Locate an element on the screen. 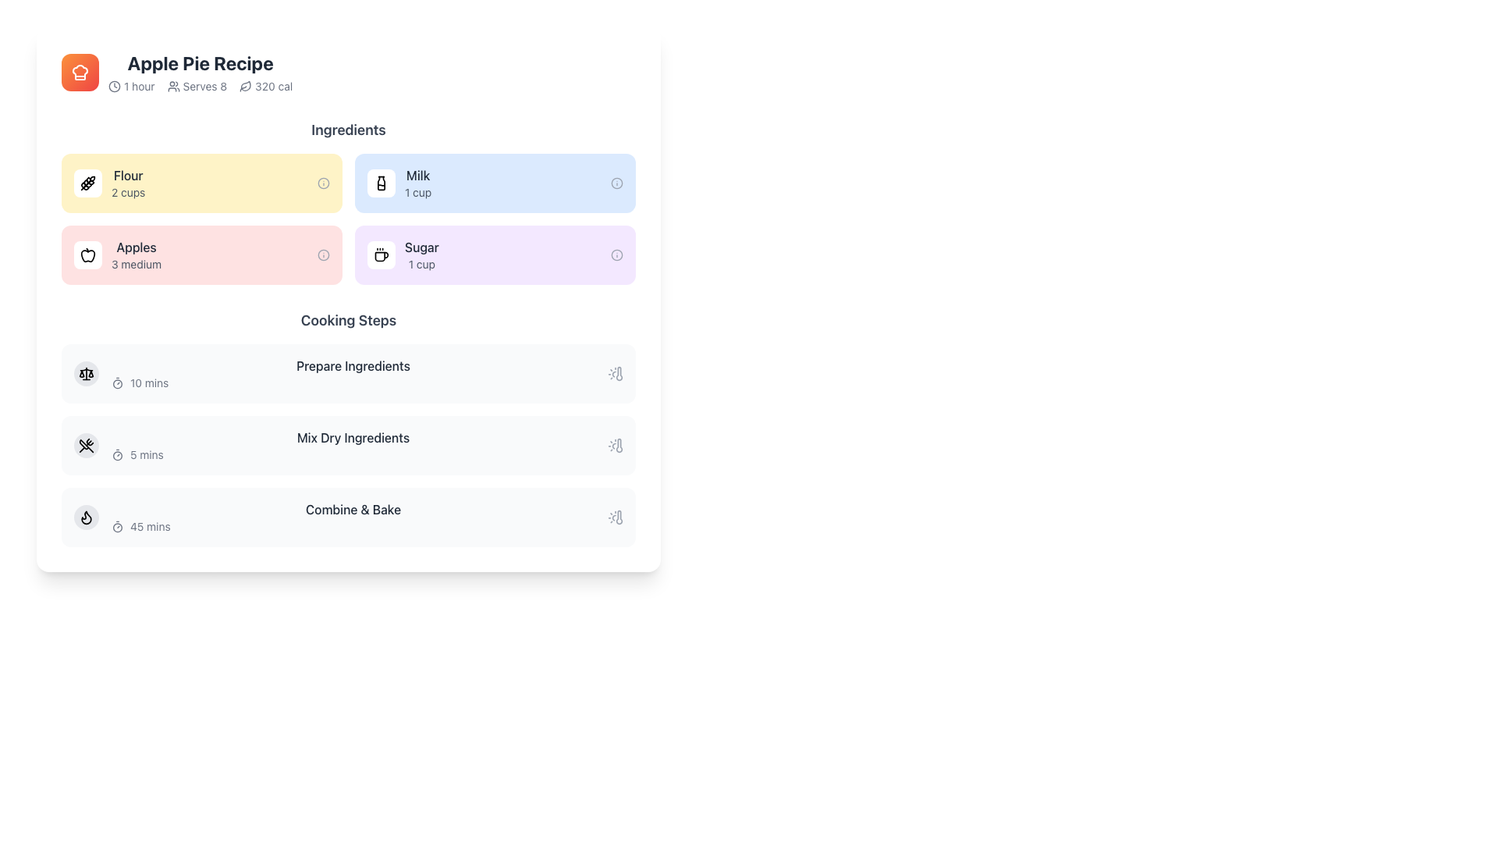 The image size is (1498, 843). the SVG icon resembling a stylized coffee cup located to the left of the 'Sugar' label in the ingredients section is located at coordinates (382, 256).